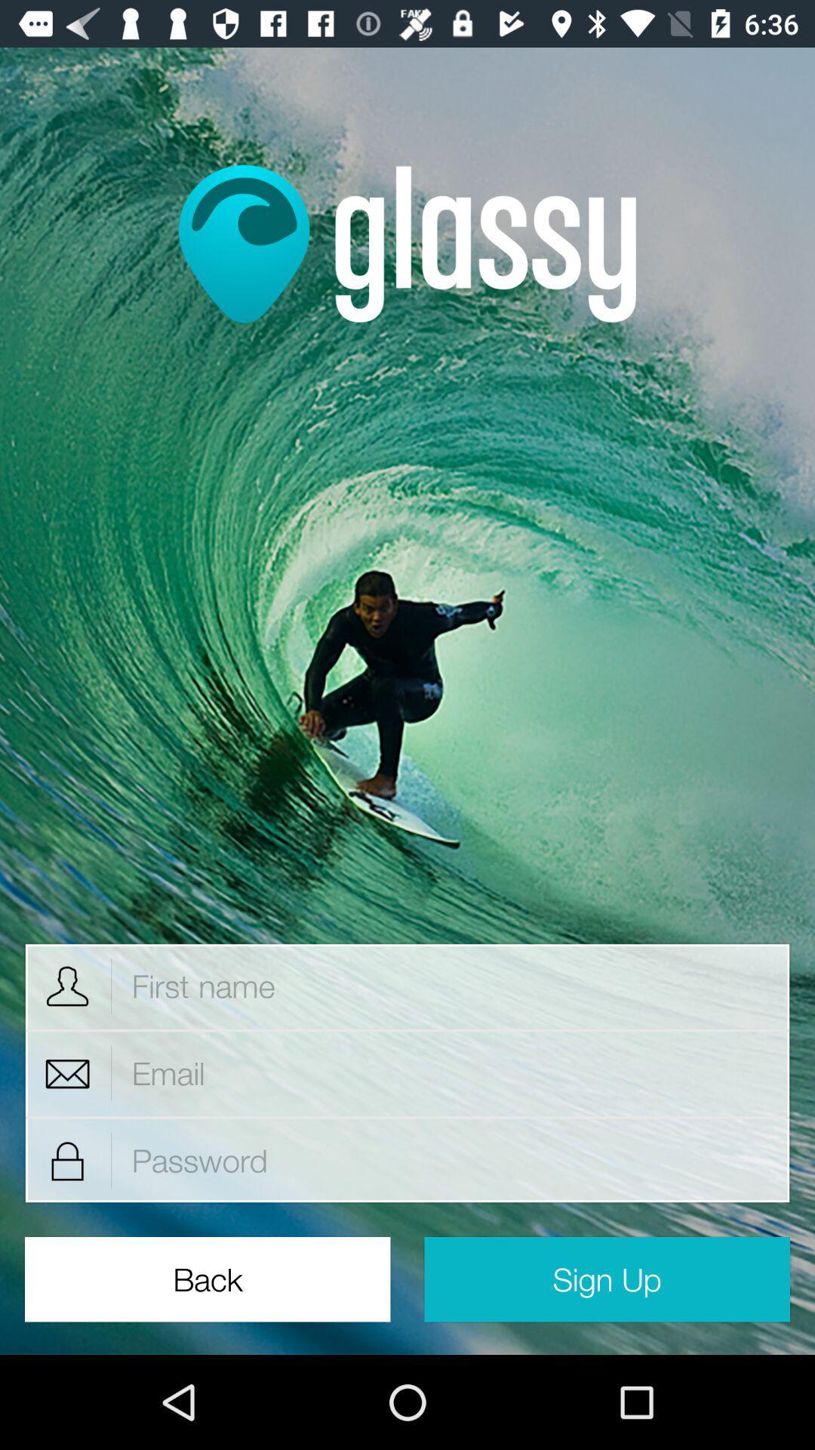  What do you see at coordinates (451, 1072) in the screenshot?
I see `email` at bounding box center [451, 1072].